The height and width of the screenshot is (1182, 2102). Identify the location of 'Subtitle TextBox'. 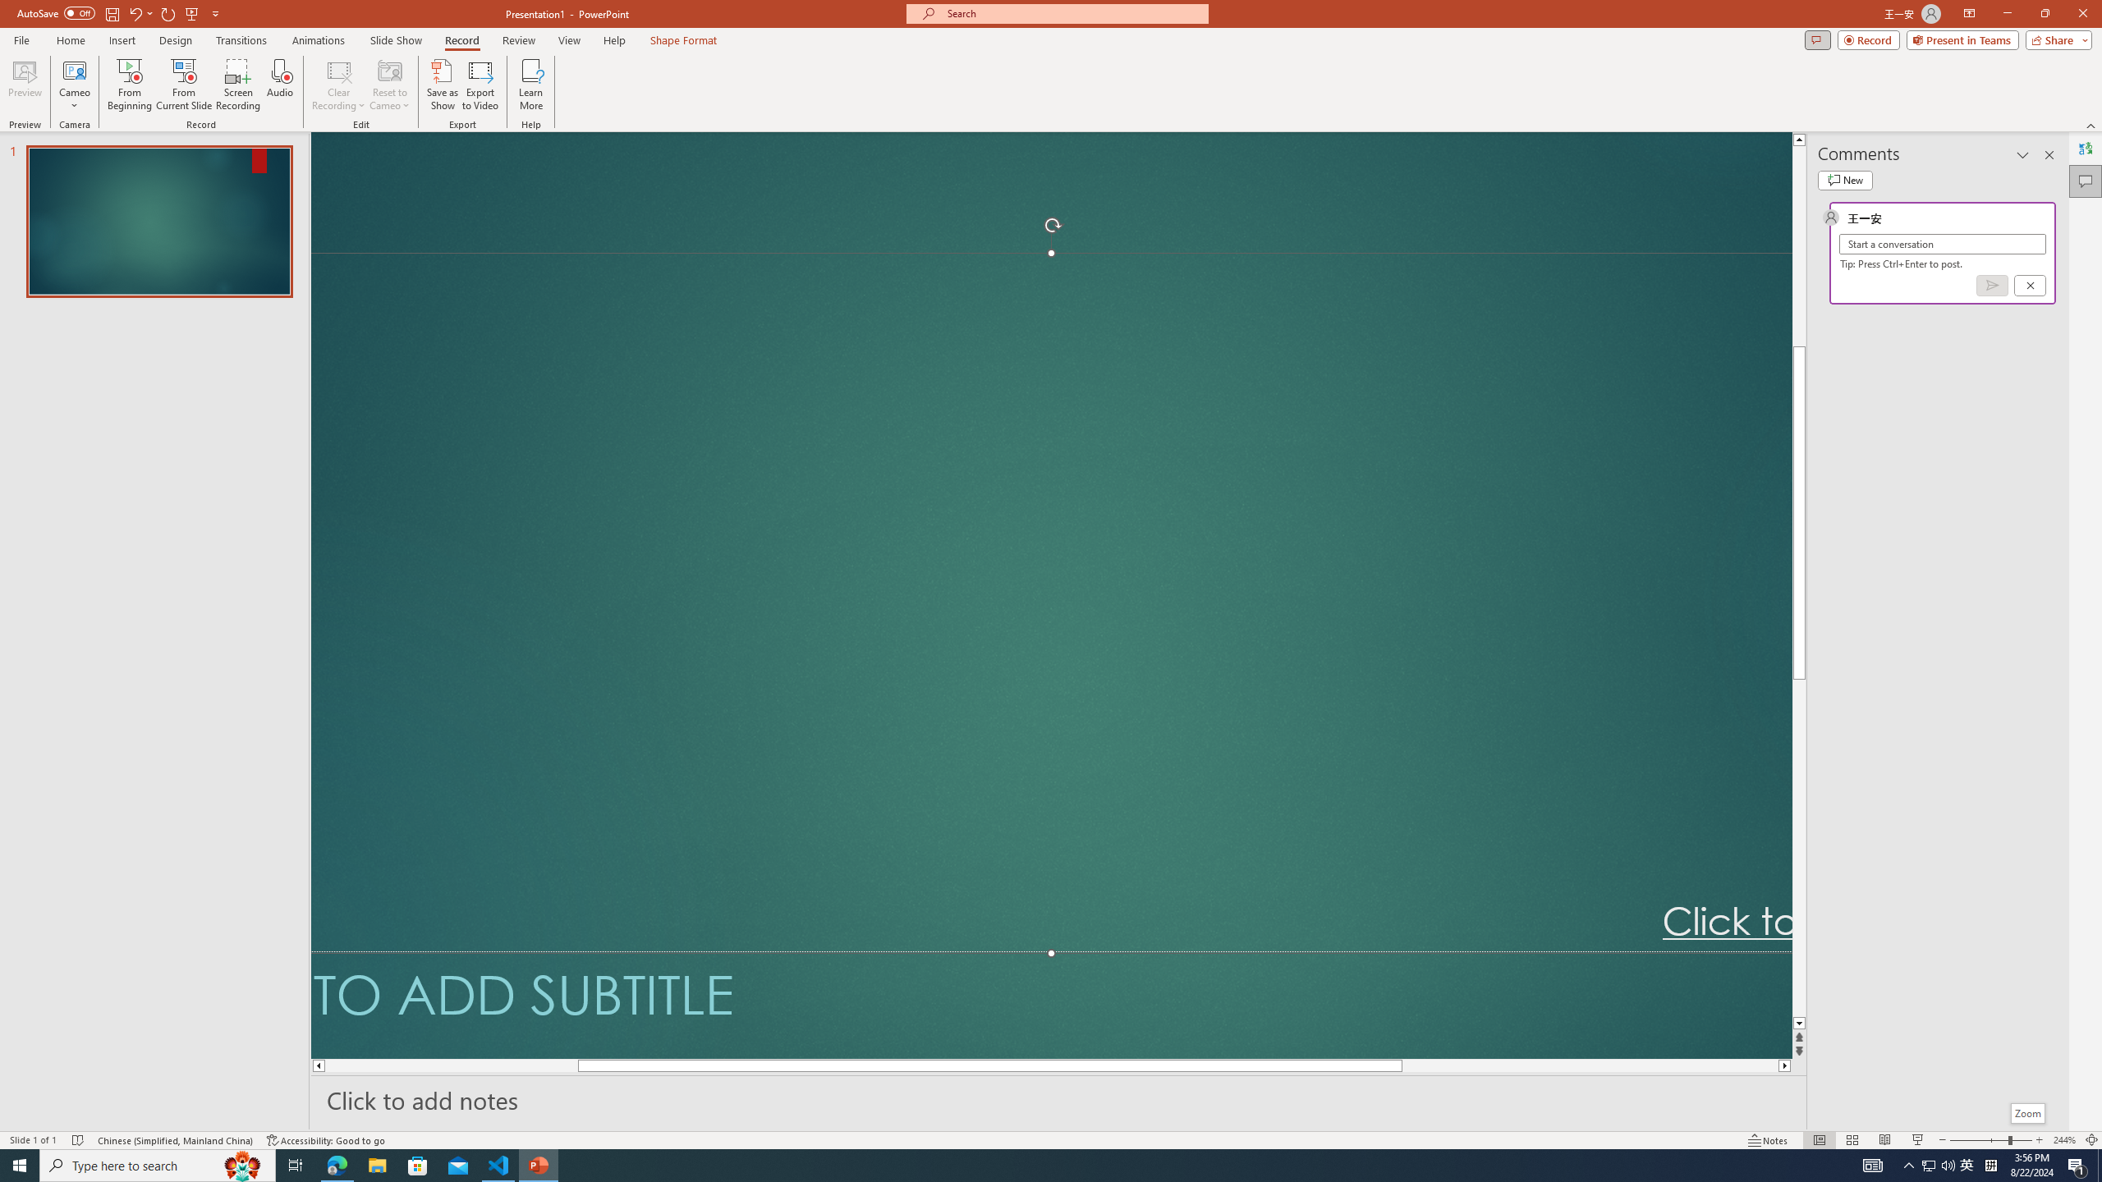
(1051, 1004).